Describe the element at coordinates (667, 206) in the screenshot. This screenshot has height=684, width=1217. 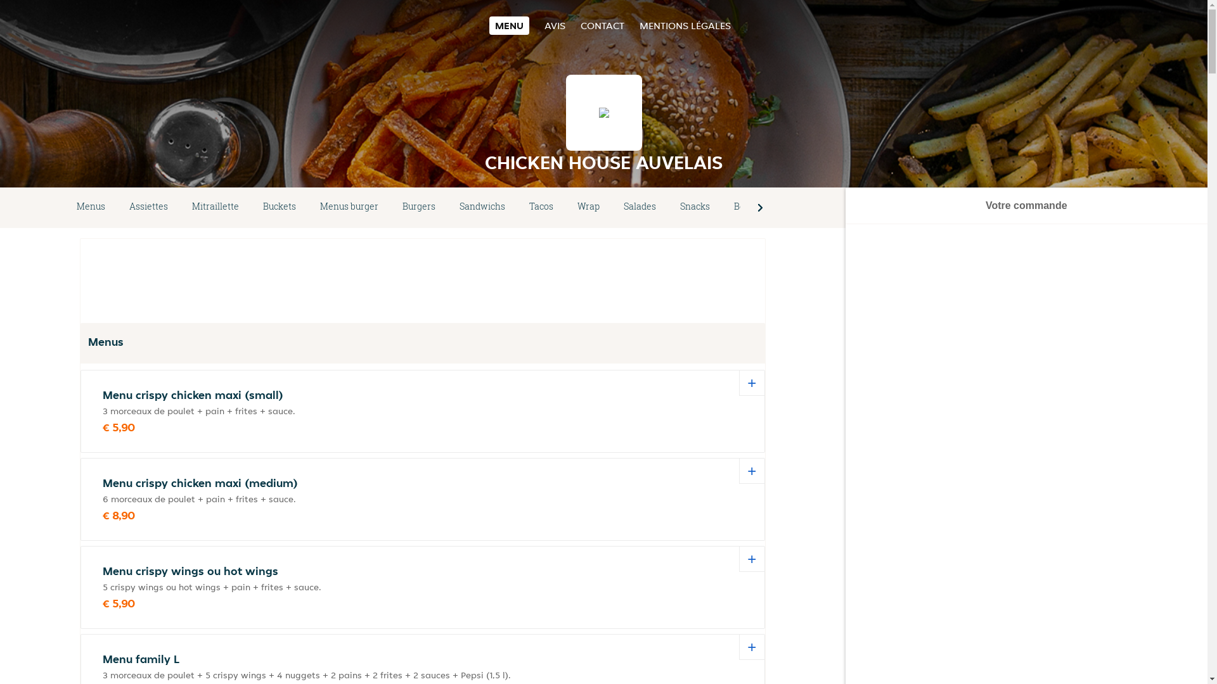
I see `'Snacks'` at that location.